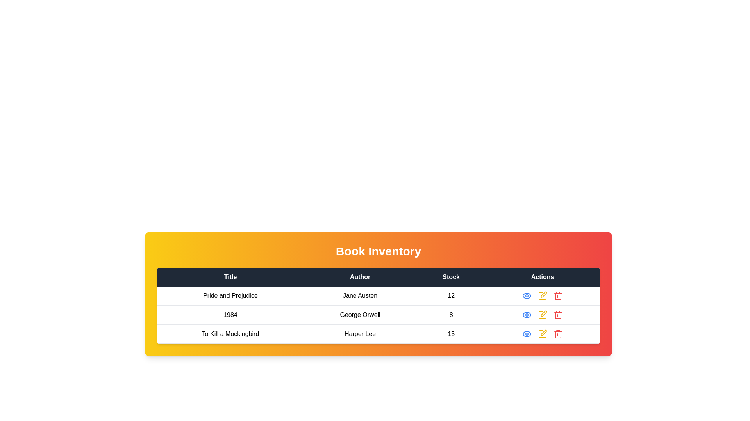  Describe the element at coordinates (379, 314) in the screenshot. I see `the second row in the table displaying information about the book '1984', which includes its title, author, and stock level` at that location.